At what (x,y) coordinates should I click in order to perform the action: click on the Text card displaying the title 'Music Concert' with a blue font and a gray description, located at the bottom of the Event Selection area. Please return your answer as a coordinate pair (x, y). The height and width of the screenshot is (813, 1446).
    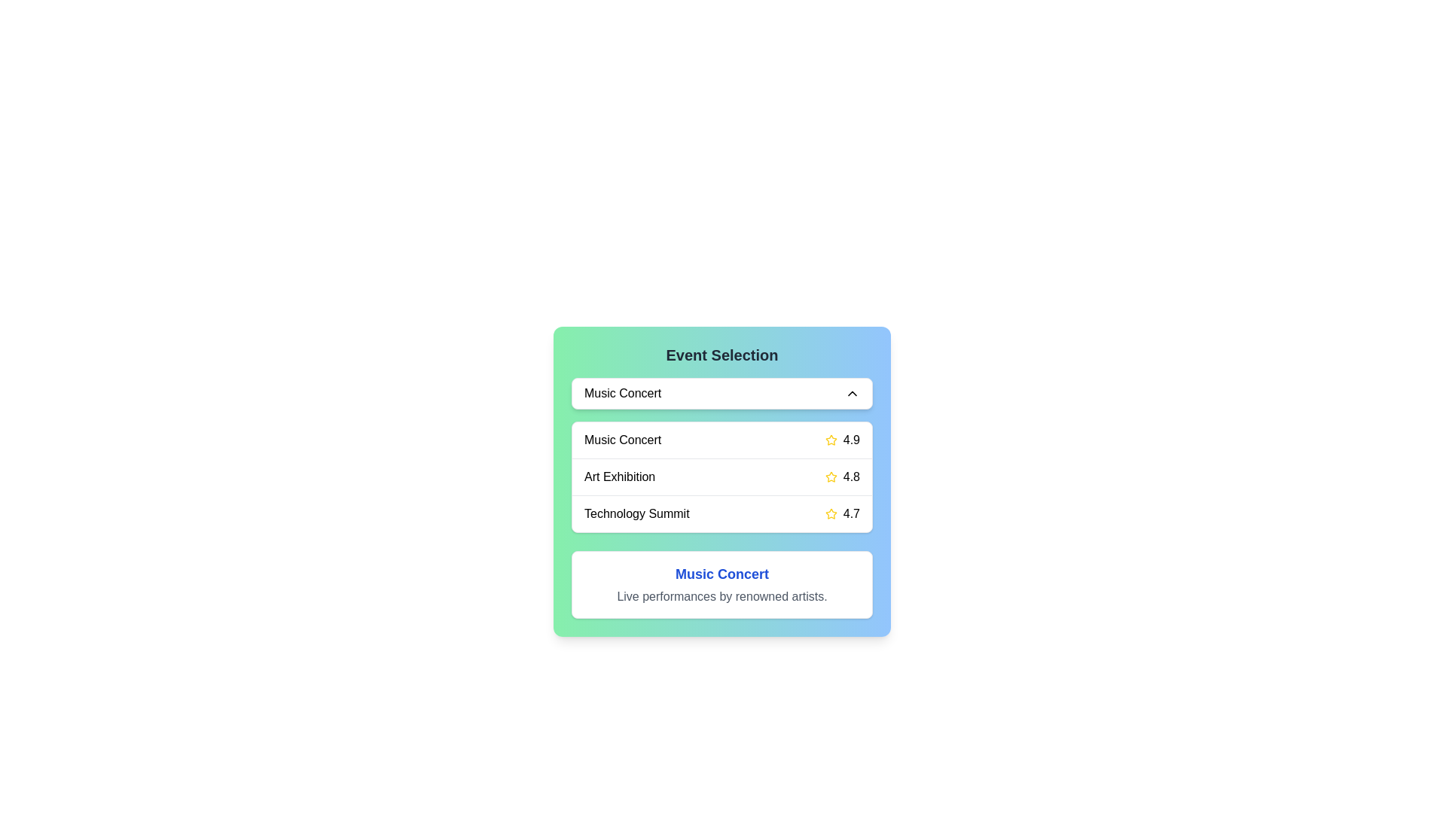
    Looking at the image, I should click on (721, 583).